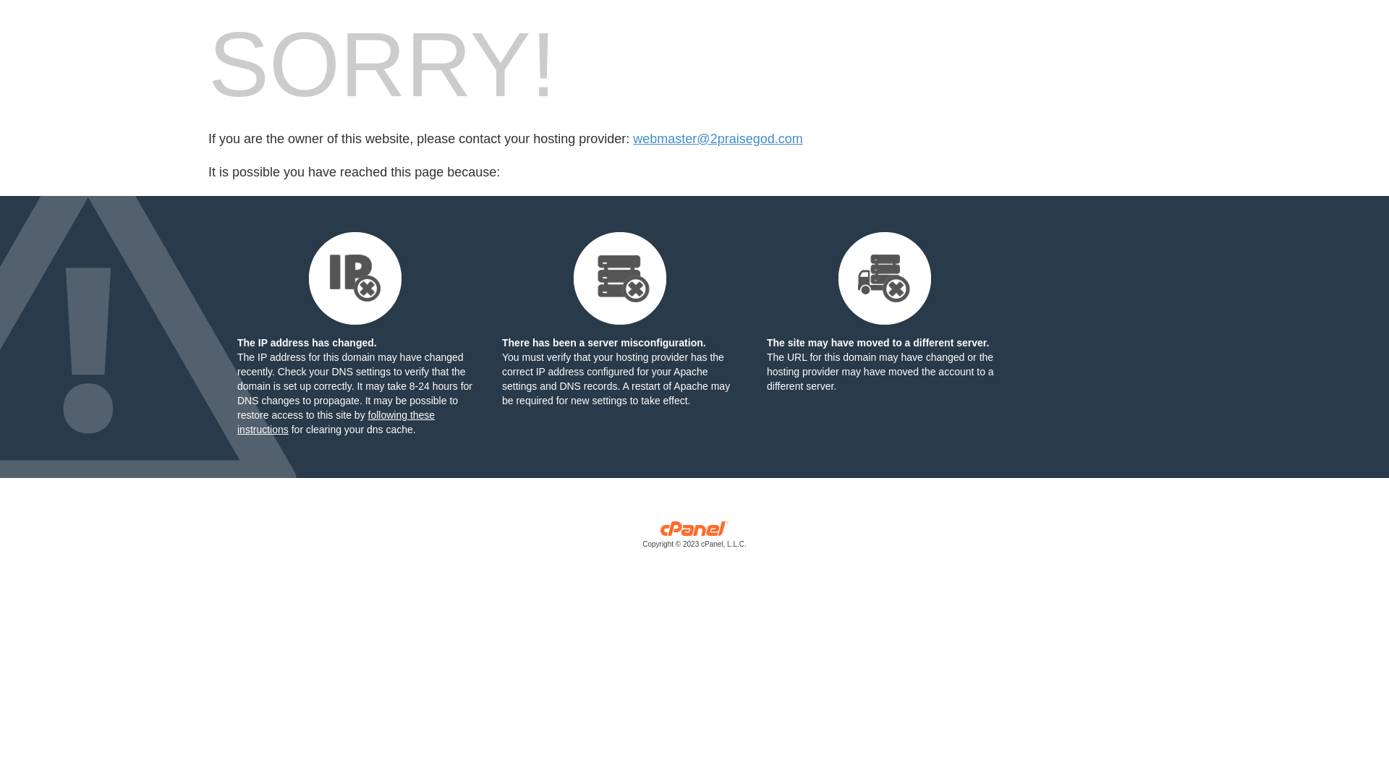 The height and width of the screenshot is (781, 1389). I want to click on 'following these instructions', so click(335, 422).